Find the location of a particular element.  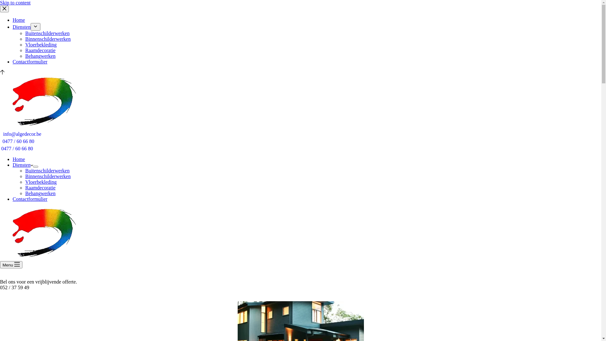

'Behangwerken' is located at coordinates (40, 56).